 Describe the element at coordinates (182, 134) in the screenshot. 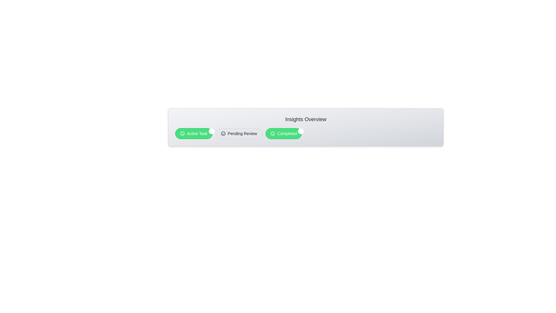

I see `the icon of the chip labeled 'Active Task'` at that location.